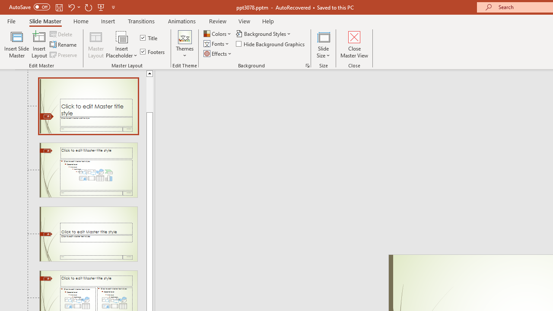 The height and width of the screenshot is (311, 553). What do you see at coordinates (64, 44) in the screenshot?
I see `'Rename'` at bounding box center [64, 44].